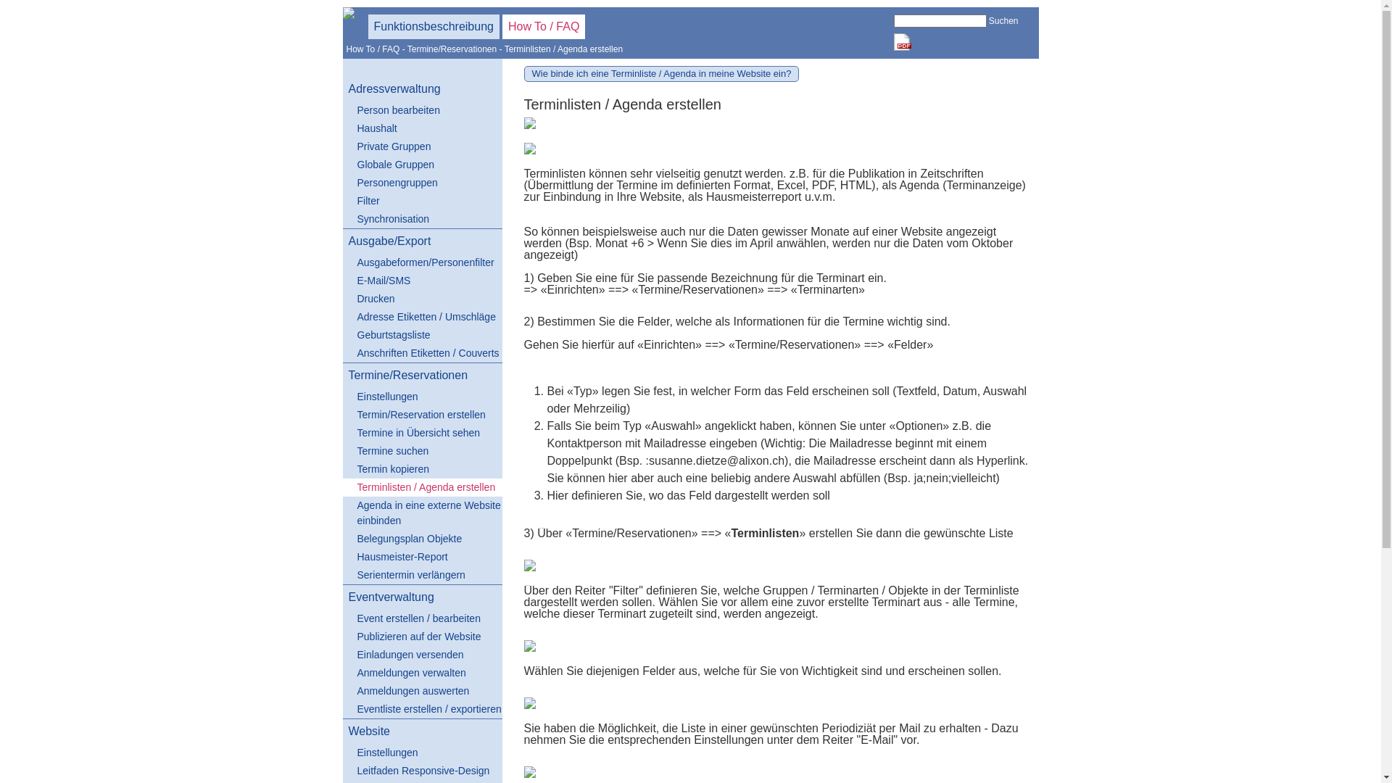 This screenshot has width=1392, height=783. I want to click on 'Geburtstagsliste', so click(341, 335).